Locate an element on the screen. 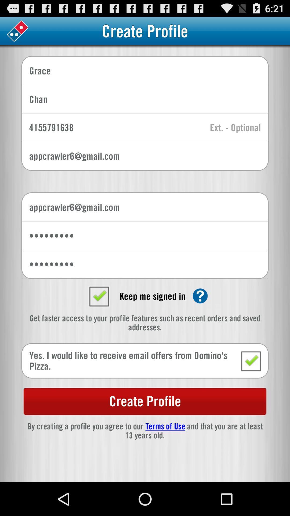 Image resolution: width=290 pixels, height=516 pixels. help is located at coordinates (200, 296).